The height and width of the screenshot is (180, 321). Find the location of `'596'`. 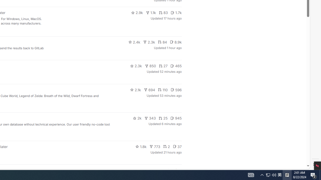

'596' is located at coordinates (176, 89).